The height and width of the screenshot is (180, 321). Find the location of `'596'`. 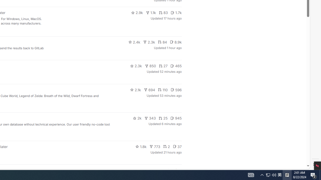

'596' is located at coordinates (176, 89).